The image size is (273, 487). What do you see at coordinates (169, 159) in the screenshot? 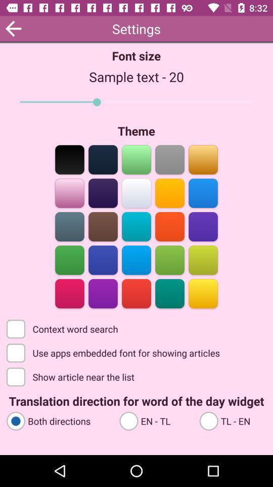
I see `theme color grey` at bounding box center [169, 159].